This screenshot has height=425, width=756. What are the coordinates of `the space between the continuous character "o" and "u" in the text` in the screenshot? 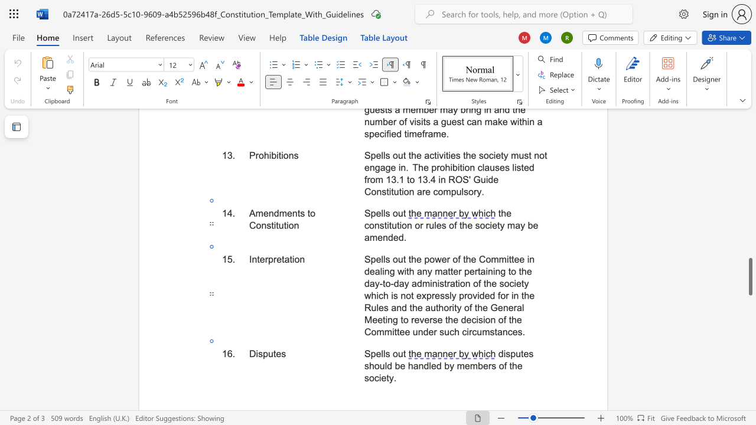 It's located at (397, 353).